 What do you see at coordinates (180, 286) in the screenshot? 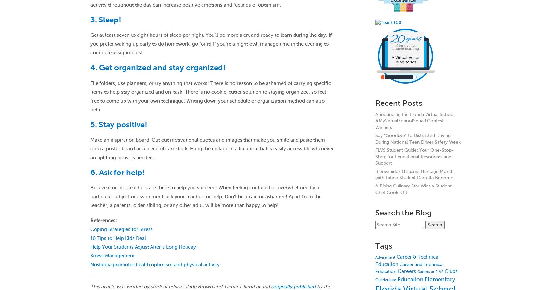
I see `'This article was written by student editors Jade Brown and Tamar Lilienthal and'` at bounding box center [180, 286].